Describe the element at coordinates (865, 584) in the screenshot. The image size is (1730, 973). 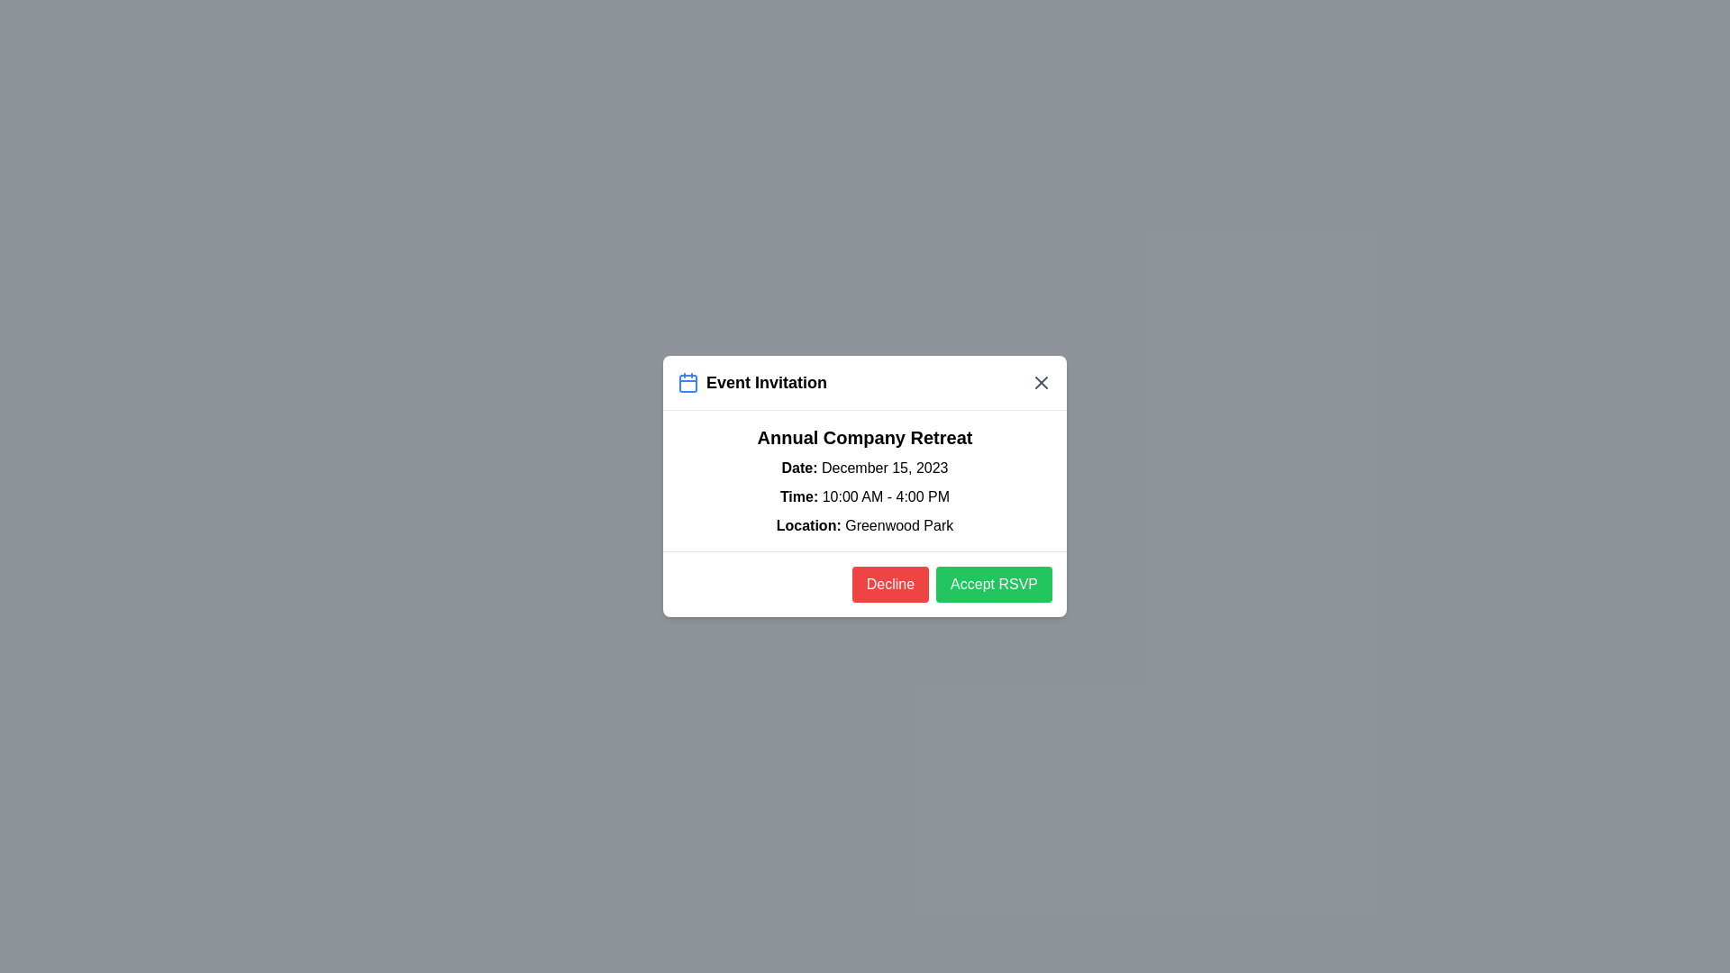
I see `the 'Decline' button, which is the left button in the button group for responding to event invitations, to reject the invitation` at that location.